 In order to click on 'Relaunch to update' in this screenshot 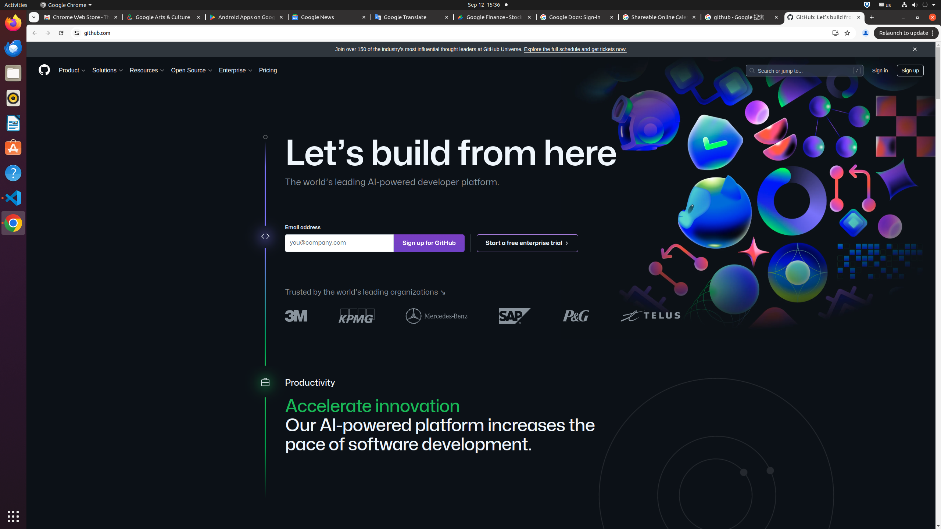, I will do `click(907, 33)`.